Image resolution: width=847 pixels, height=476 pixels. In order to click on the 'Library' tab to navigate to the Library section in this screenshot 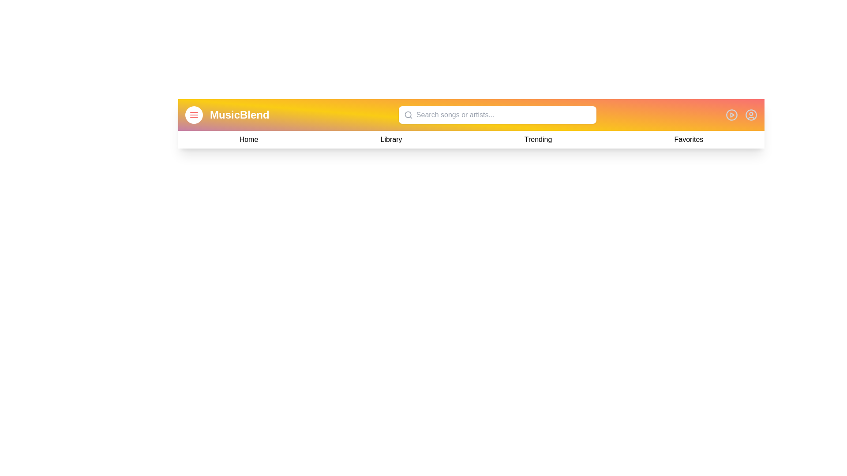, I will do `click(391, 139)`.